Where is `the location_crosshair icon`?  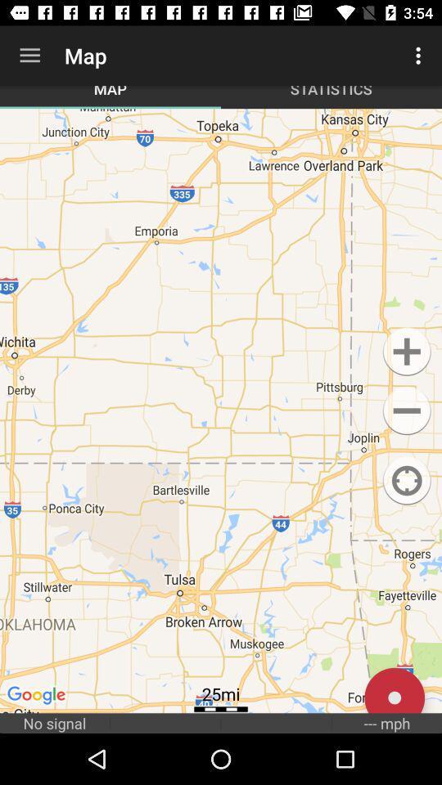
the location_crosshair icon is located at coordinates (406, 481).